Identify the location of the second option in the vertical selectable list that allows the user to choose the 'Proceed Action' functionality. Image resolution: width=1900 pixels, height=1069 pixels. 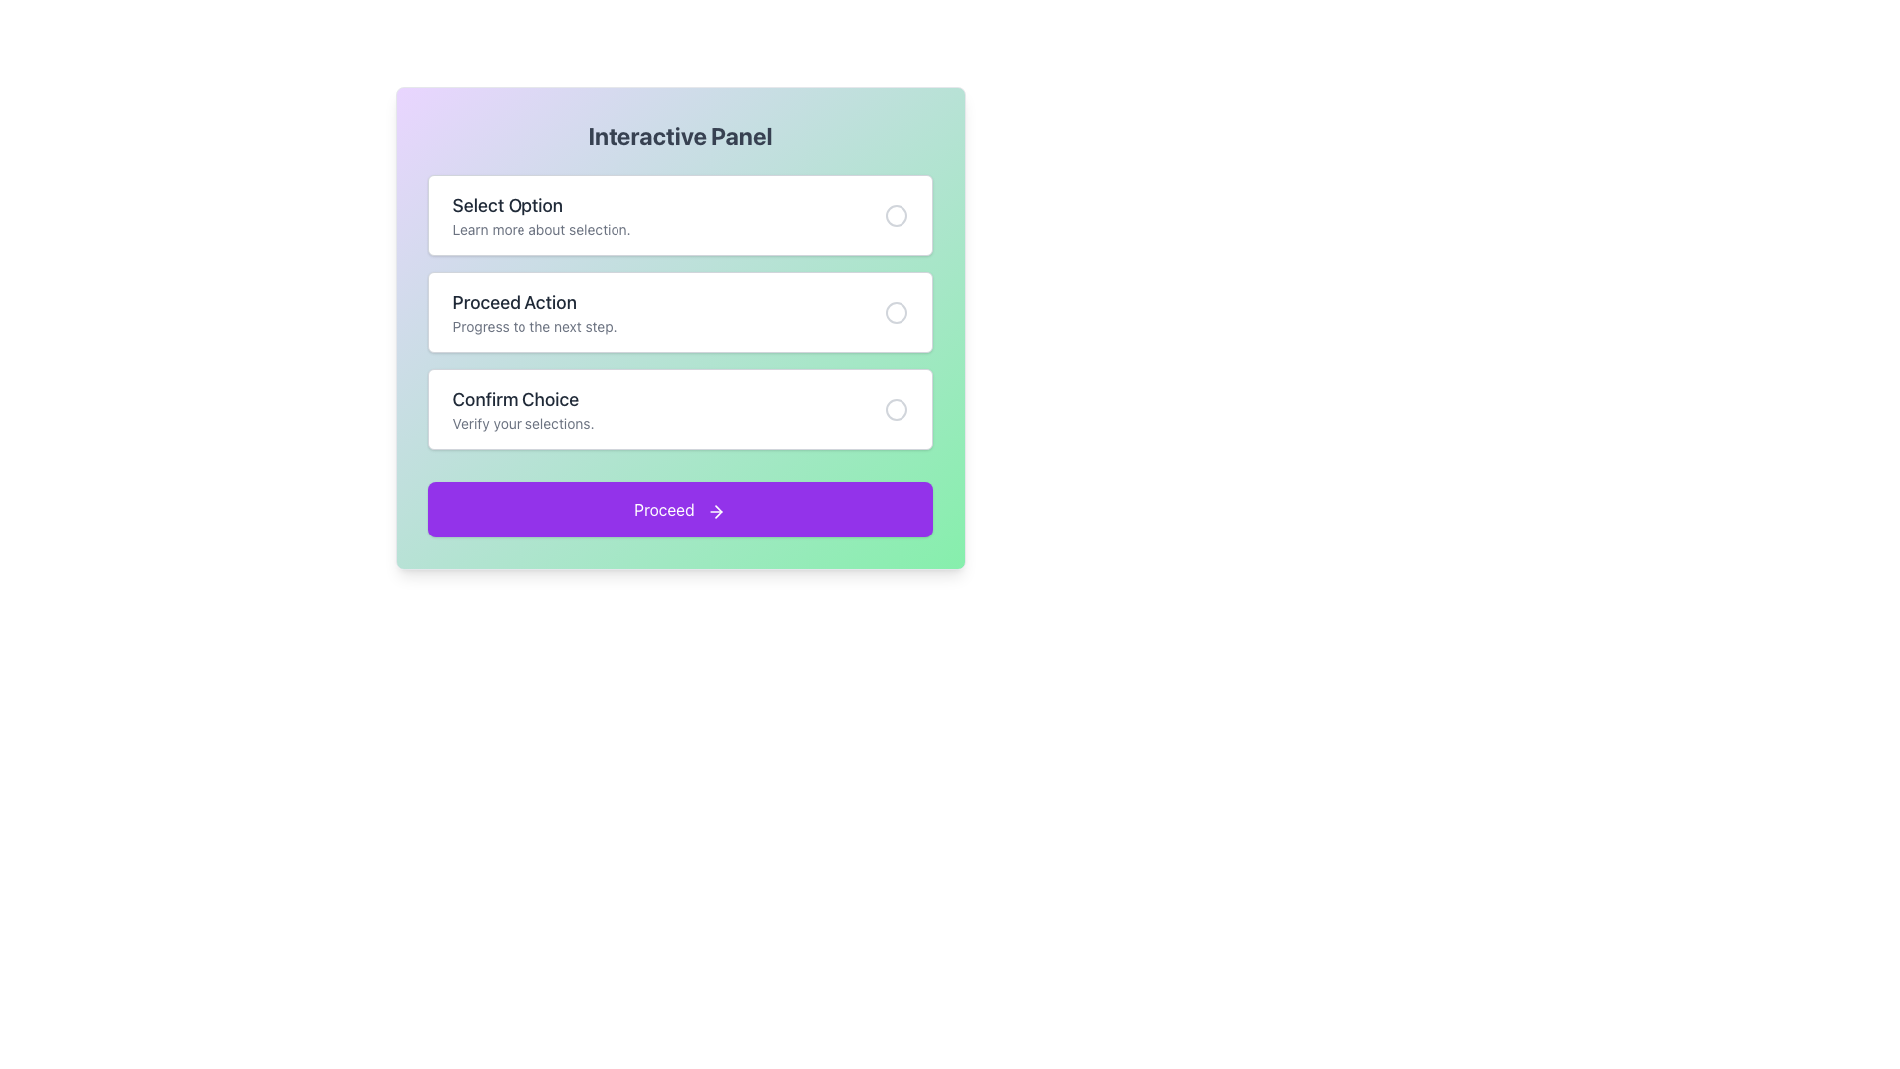
(534, 312).